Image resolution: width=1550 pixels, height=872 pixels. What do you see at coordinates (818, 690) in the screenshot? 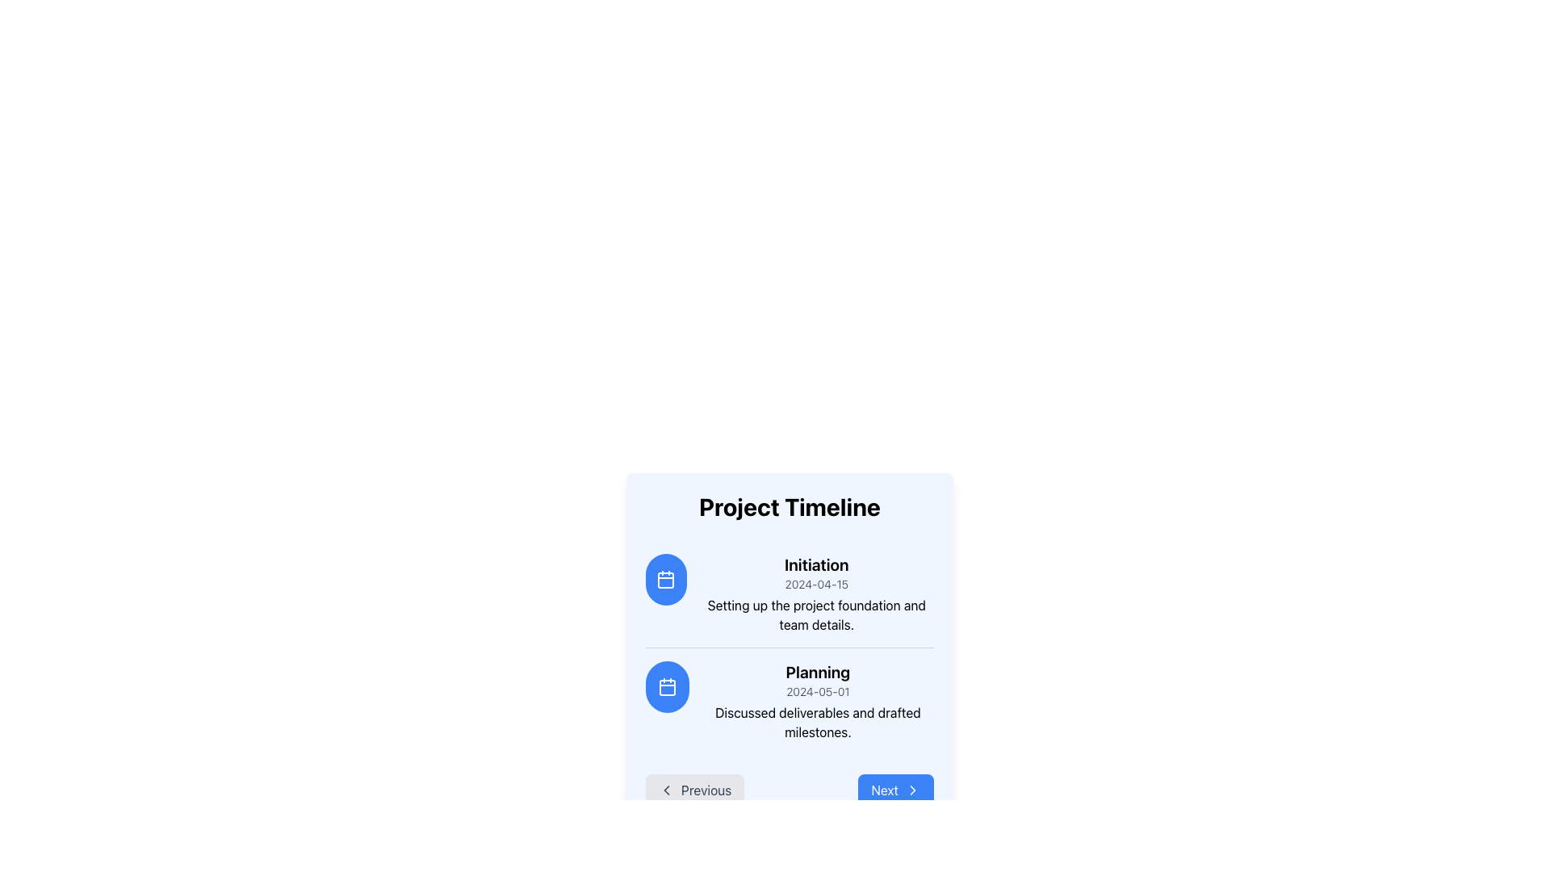
I see `date text from the Text Label located in the middle of the second timeline entry, which is below the title 'Planning' and above the description 'Discussed deliverables and drafted milestones.'` at bounding box center [818, 690].